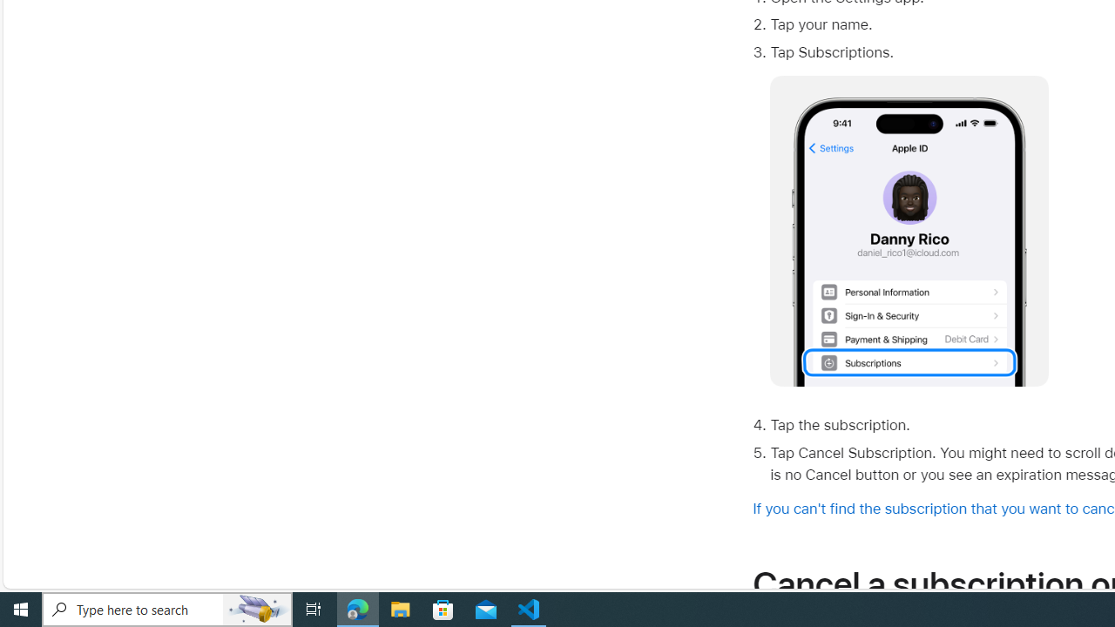 The image size is (1115, 627). I want to click on 'No alt supplied for Image', so click(909, 231).